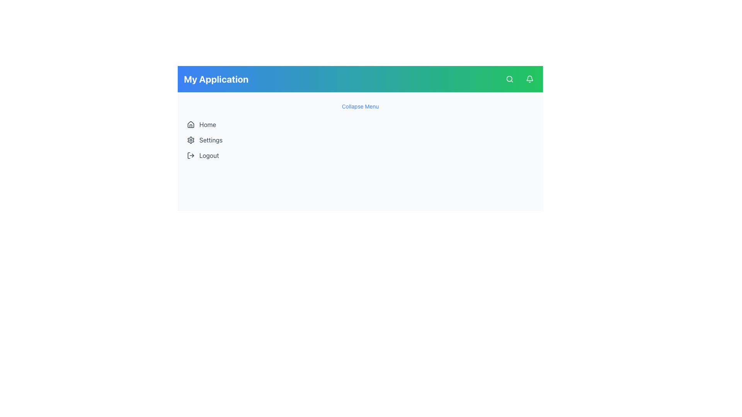  Describe the element at coordinates (510, 79) in the screenshot. I see `the first circular search icon button, which is styled with a white magnifying glass on a green background` at that location.